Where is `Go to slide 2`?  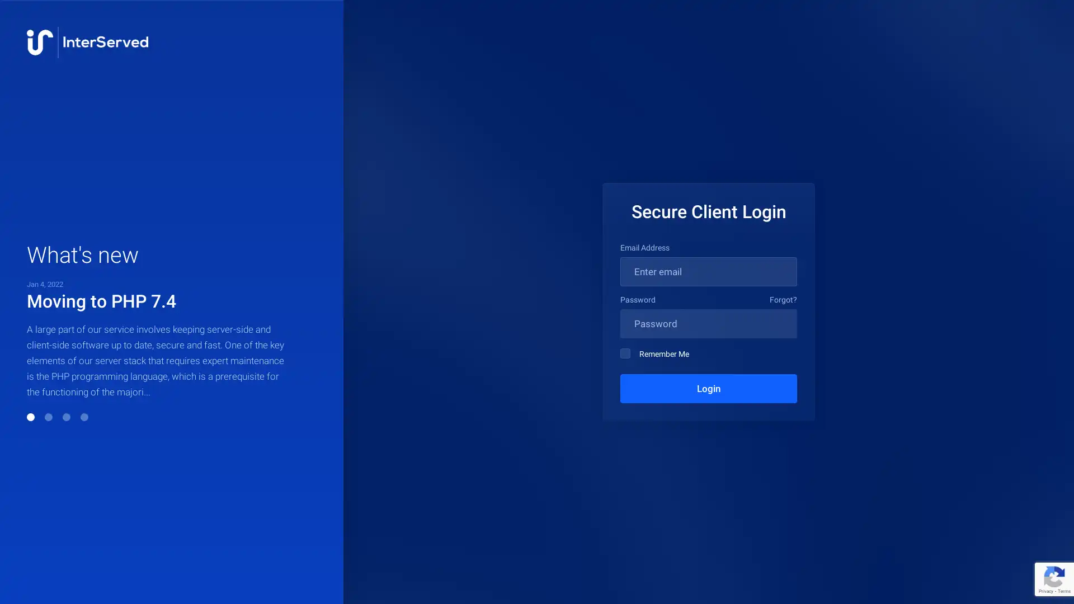 Go to slide 2 is located at coordinates (48, 428).